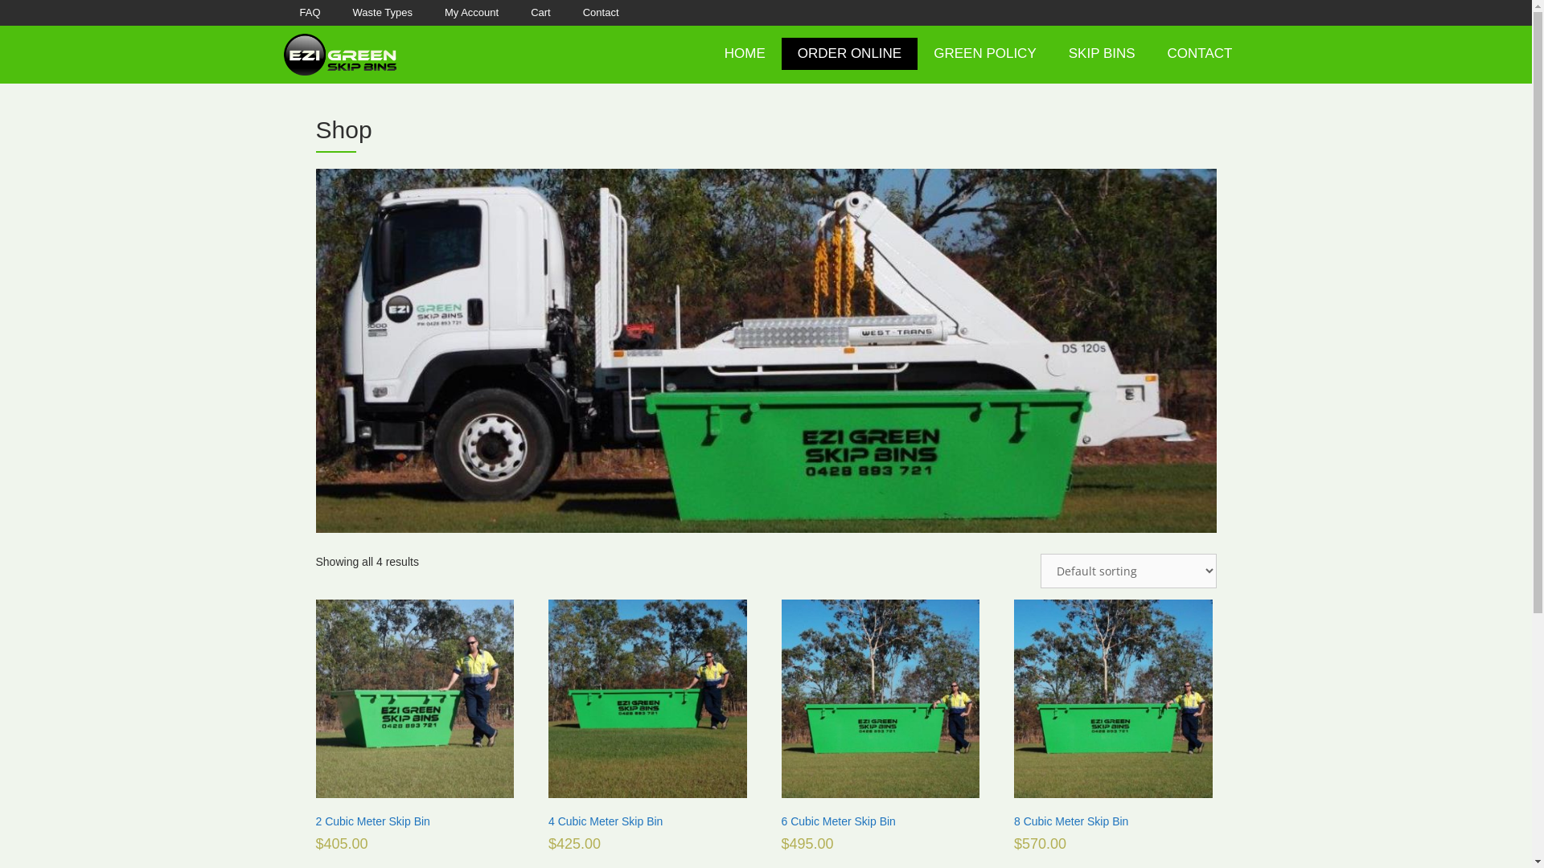  I want to click on 'SKIP BINS', so click(1101, 52).